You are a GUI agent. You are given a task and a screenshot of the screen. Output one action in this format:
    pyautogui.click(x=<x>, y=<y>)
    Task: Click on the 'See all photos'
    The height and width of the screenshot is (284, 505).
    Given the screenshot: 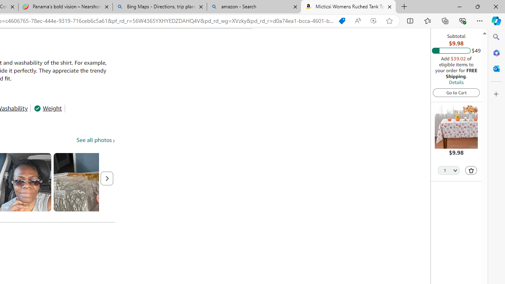 What is the action you would take?
    pyautogui.click(x=95, y=140)
    